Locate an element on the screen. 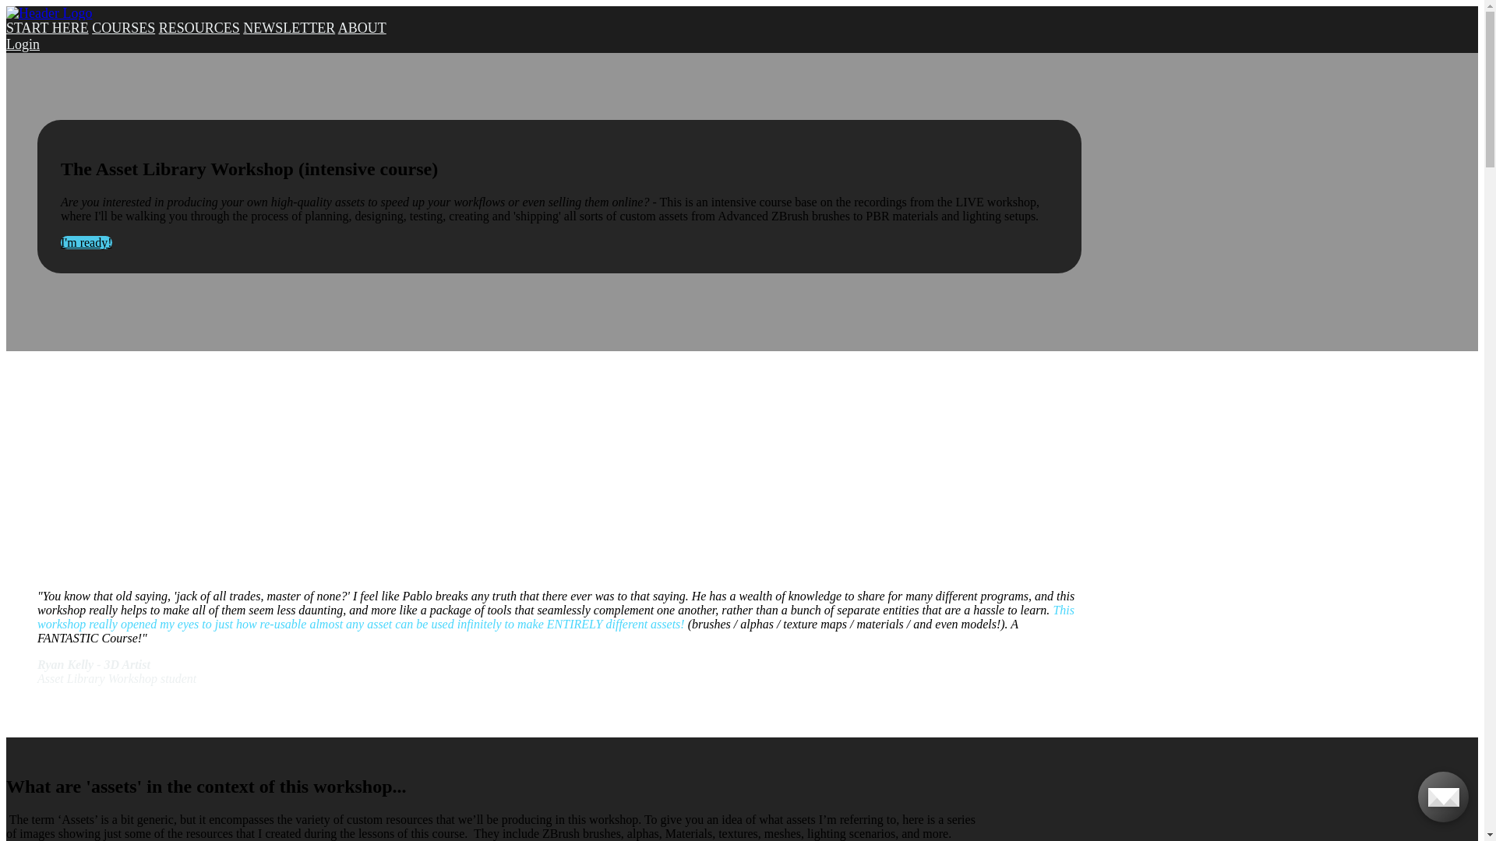 This screenshot has width=1496, height=841. 'COURSES' is located at coordinates (122, 27).